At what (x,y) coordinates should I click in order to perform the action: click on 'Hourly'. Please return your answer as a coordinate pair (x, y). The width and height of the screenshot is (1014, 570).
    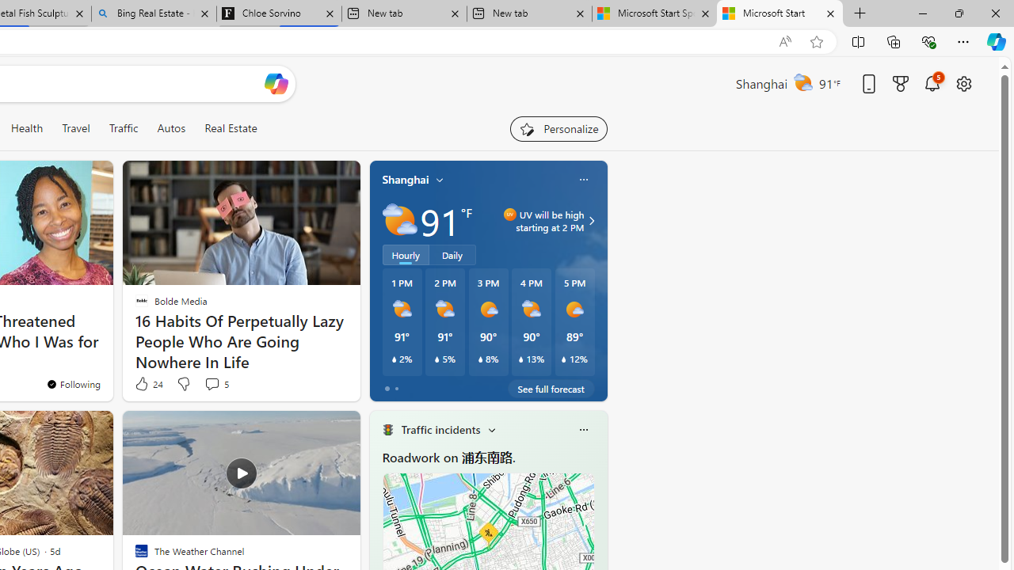
    Looking at the image, I should click on (406, 253).